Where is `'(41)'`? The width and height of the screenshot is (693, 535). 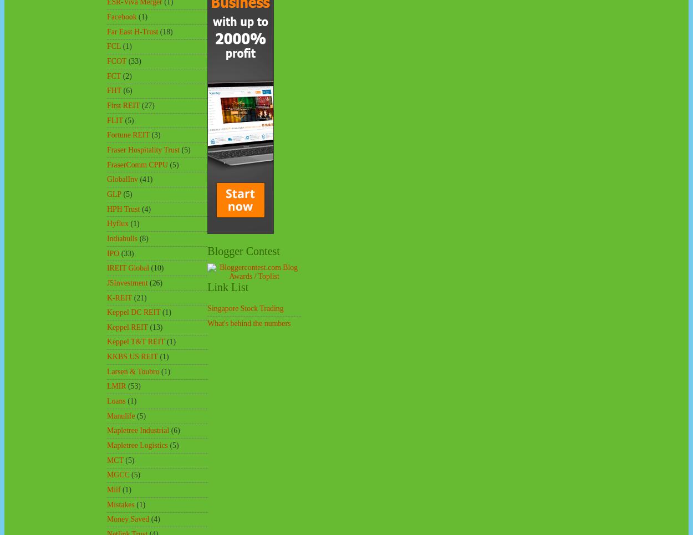
'(41)' is located at coordinates (140, 179).